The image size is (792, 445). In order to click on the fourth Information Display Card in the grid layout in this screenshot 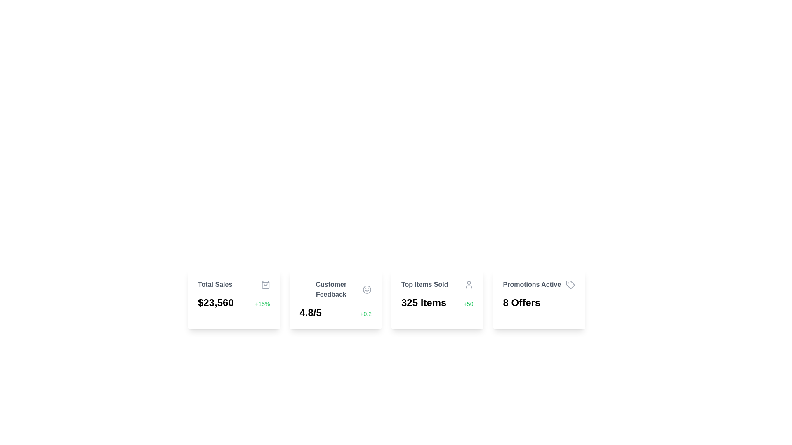, I will do `click(539, 299)`.